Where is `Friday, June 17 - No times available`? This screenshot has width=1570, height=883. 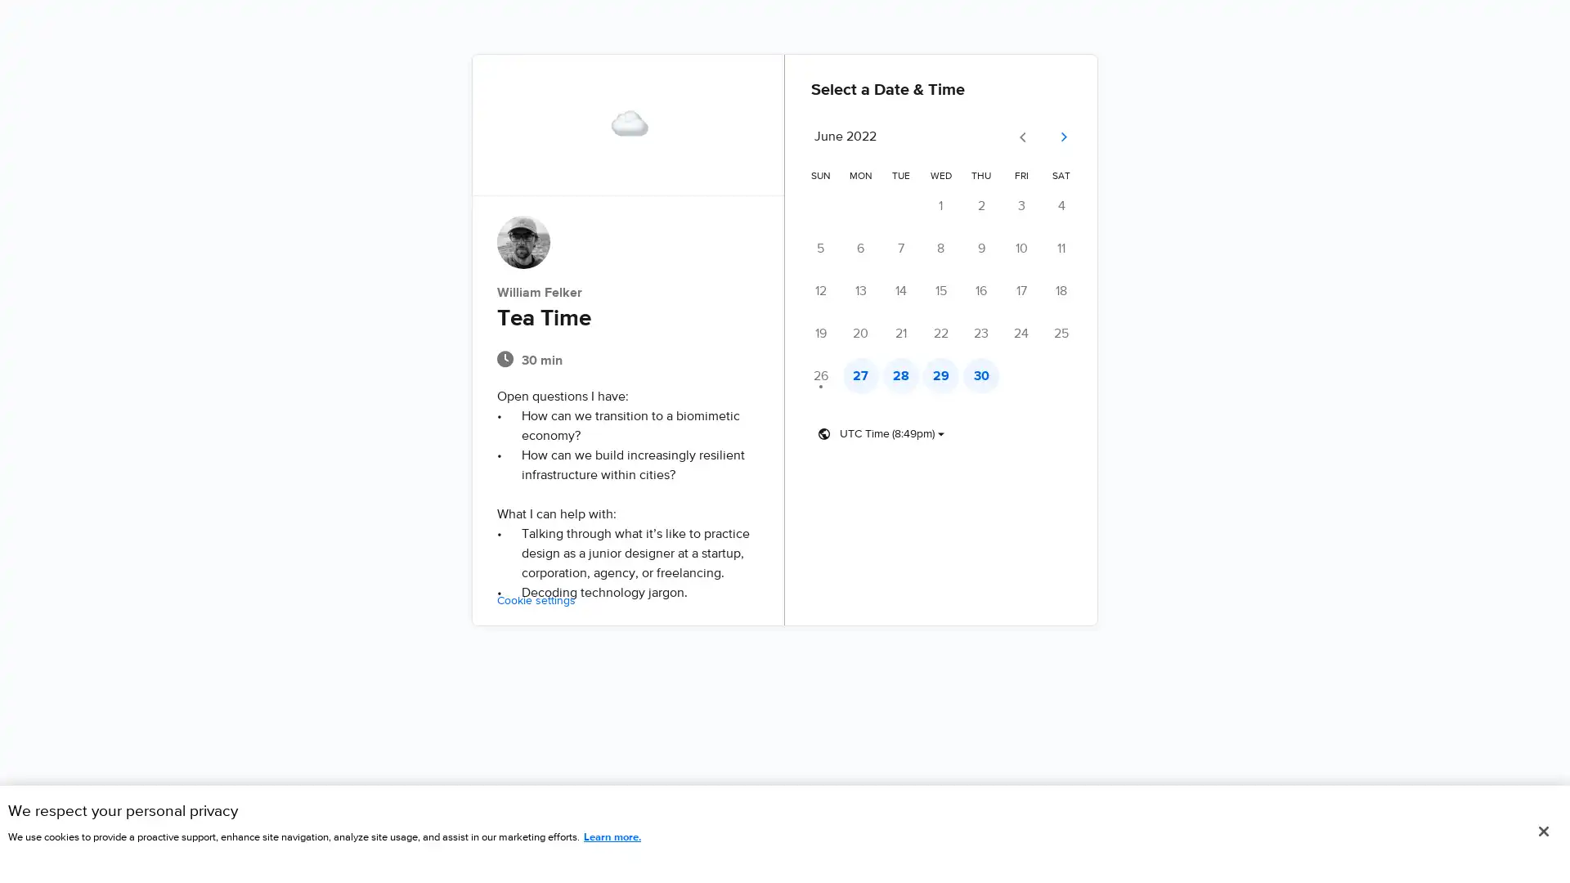
Friday, June 17 - No times available is located at coordinates (1031, 289).